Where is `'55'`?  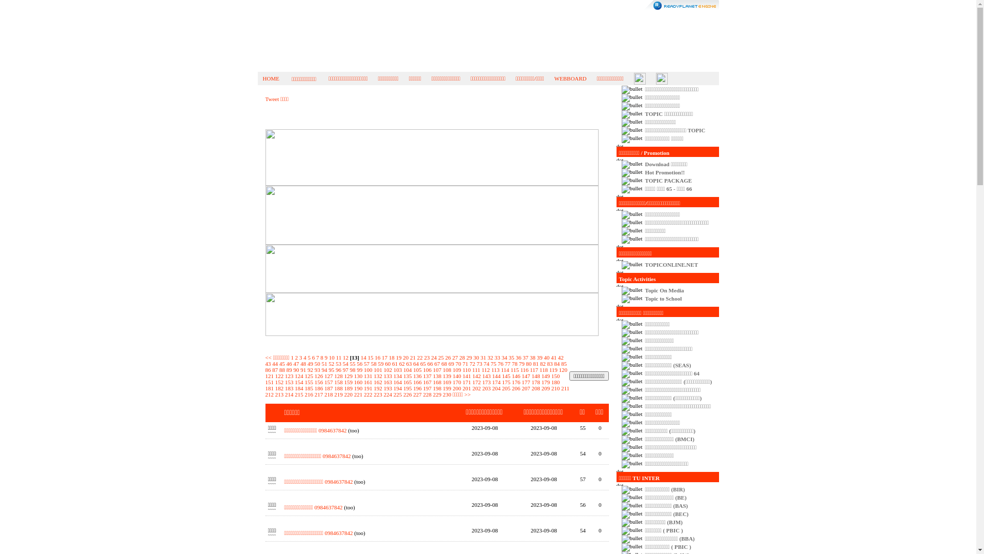
'55' is located at coordinates (352, 363).